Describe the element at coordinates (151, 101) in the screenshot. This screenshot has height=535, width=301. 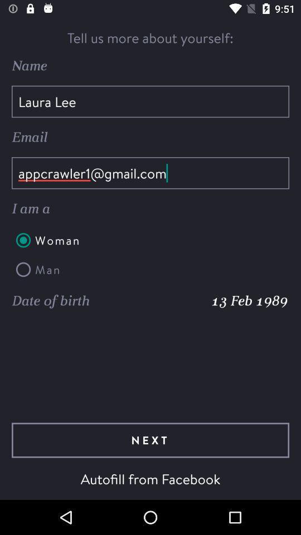
I see `the item below name icon` at that location.